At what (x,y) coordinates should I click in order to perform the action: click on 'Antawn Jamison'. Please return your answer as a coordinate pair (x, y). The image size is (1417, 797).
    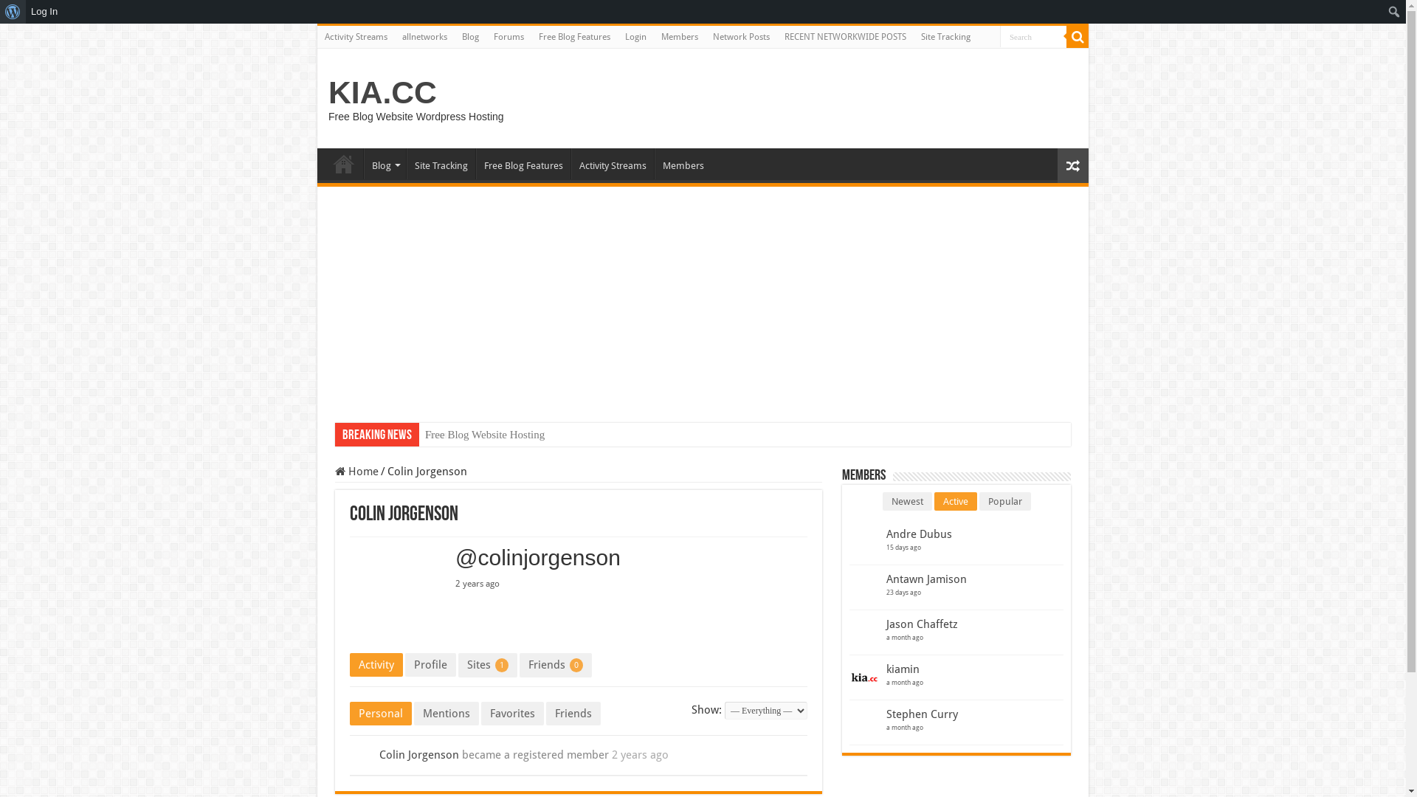
    Looking at the image, I should click on (925, 579).